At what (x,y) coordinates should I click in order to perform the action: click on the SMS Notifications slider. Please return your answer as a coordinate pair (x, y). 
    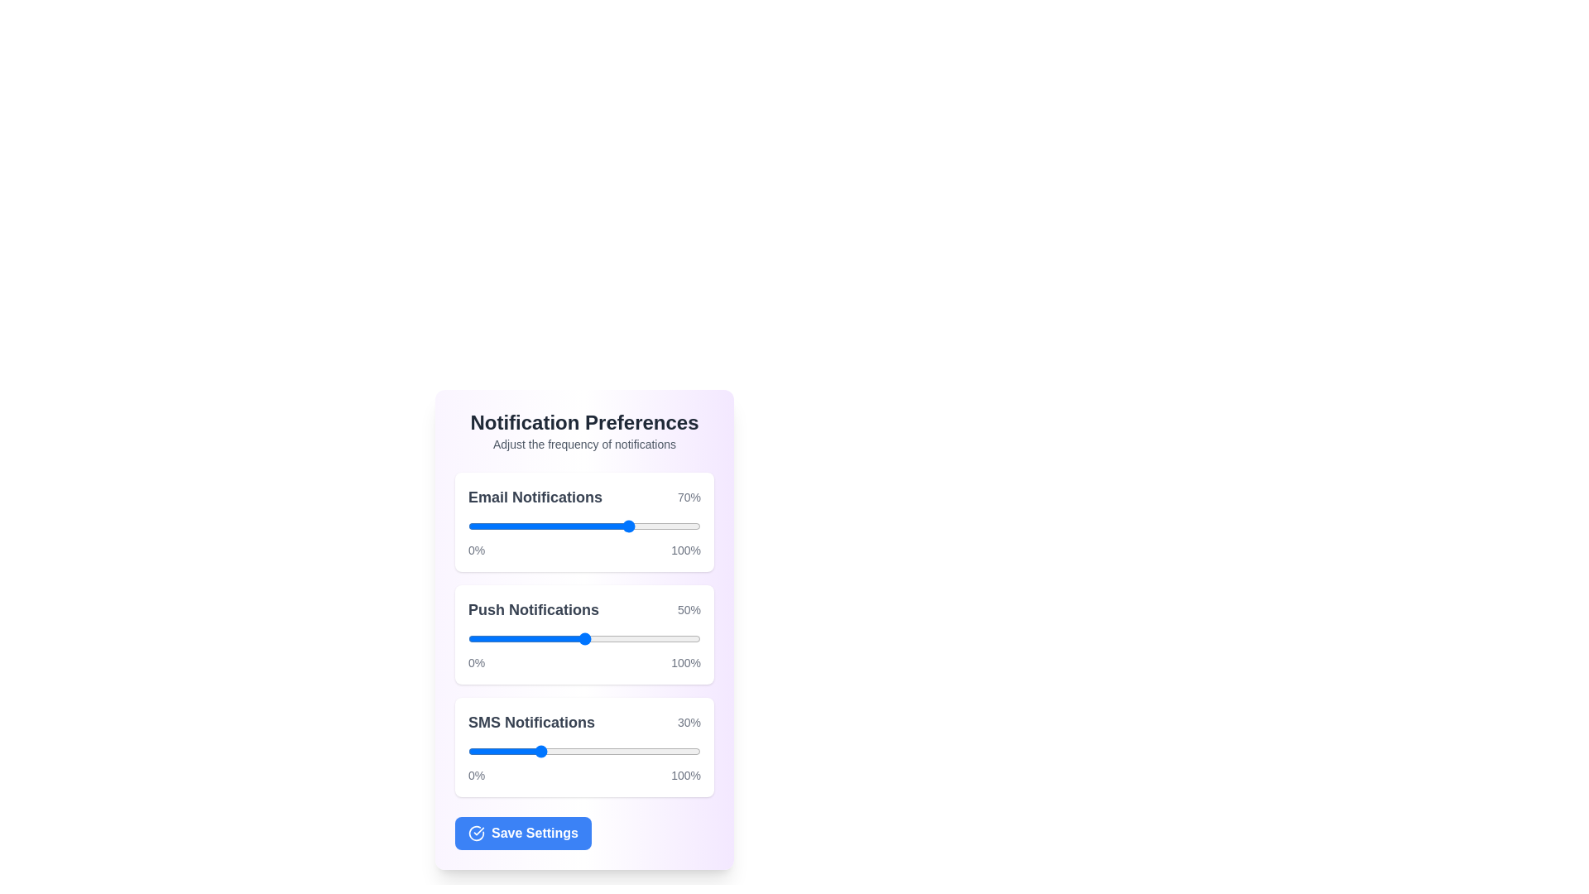
    Looking at the image, I should click on (600, 751).